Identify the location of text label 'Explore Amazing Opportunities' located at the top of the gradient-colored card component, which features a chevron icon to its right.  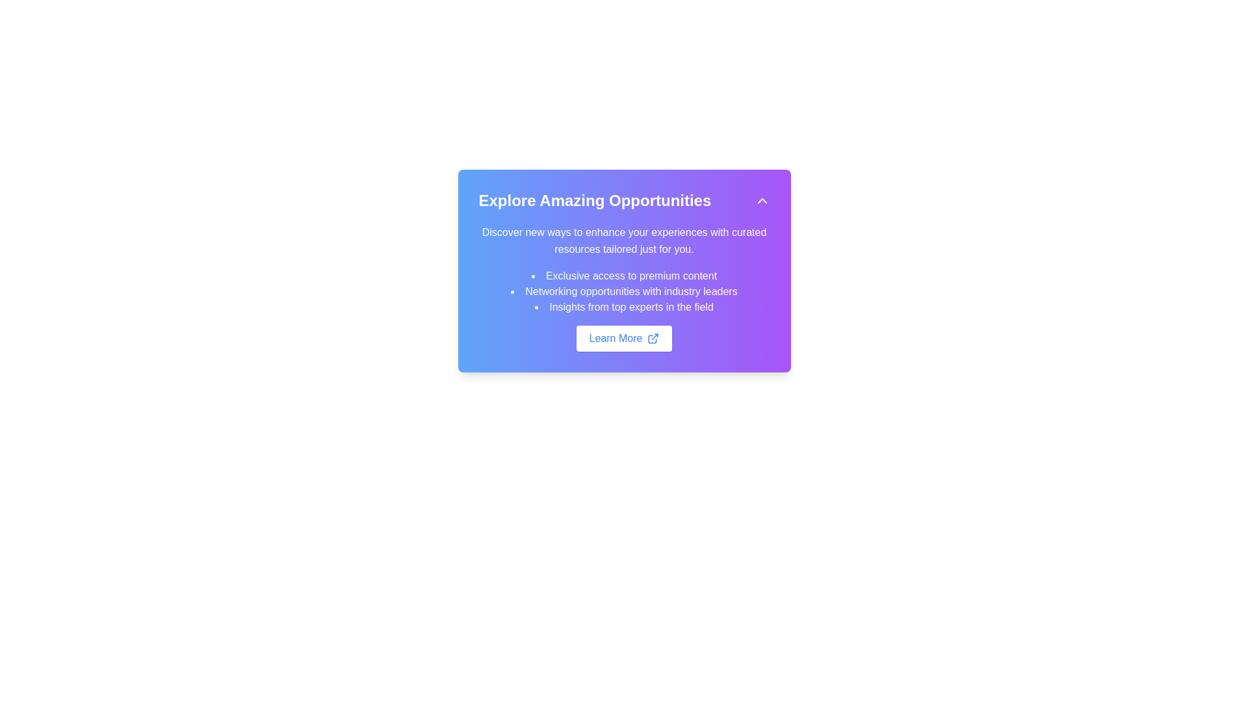
(624, 200).